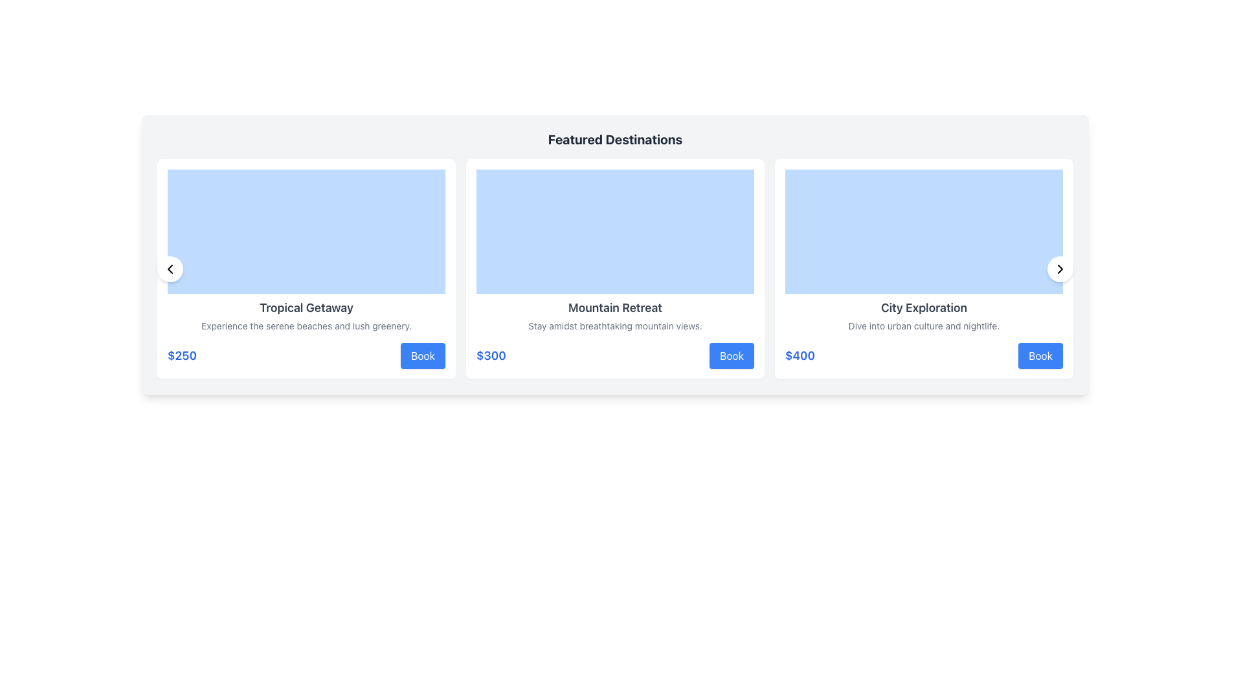  I want to click on the header text label that indicates 'Featured Destinations' to observe the styling changes, so click(614, 140).